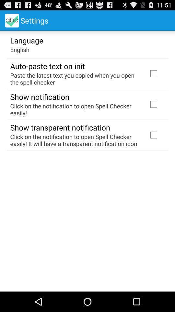 The width and height of the screenshot is (175, 312). I want to click on language item, so click(26, 40).